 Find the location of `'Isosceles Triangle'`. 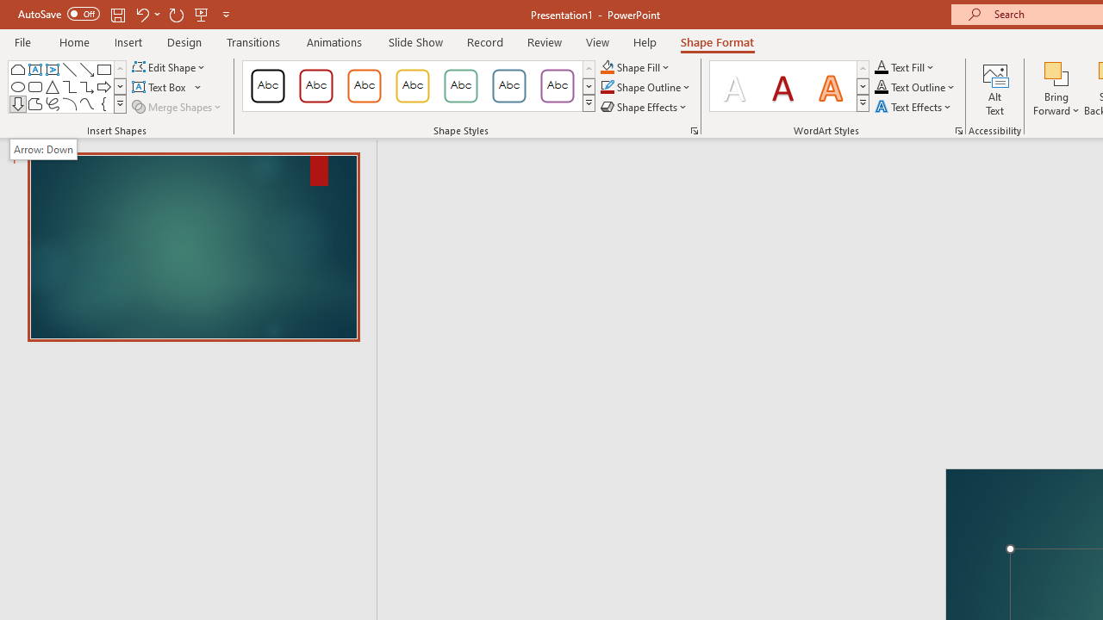

'Isosceles Triangle' is located at coordinates (52, 86).